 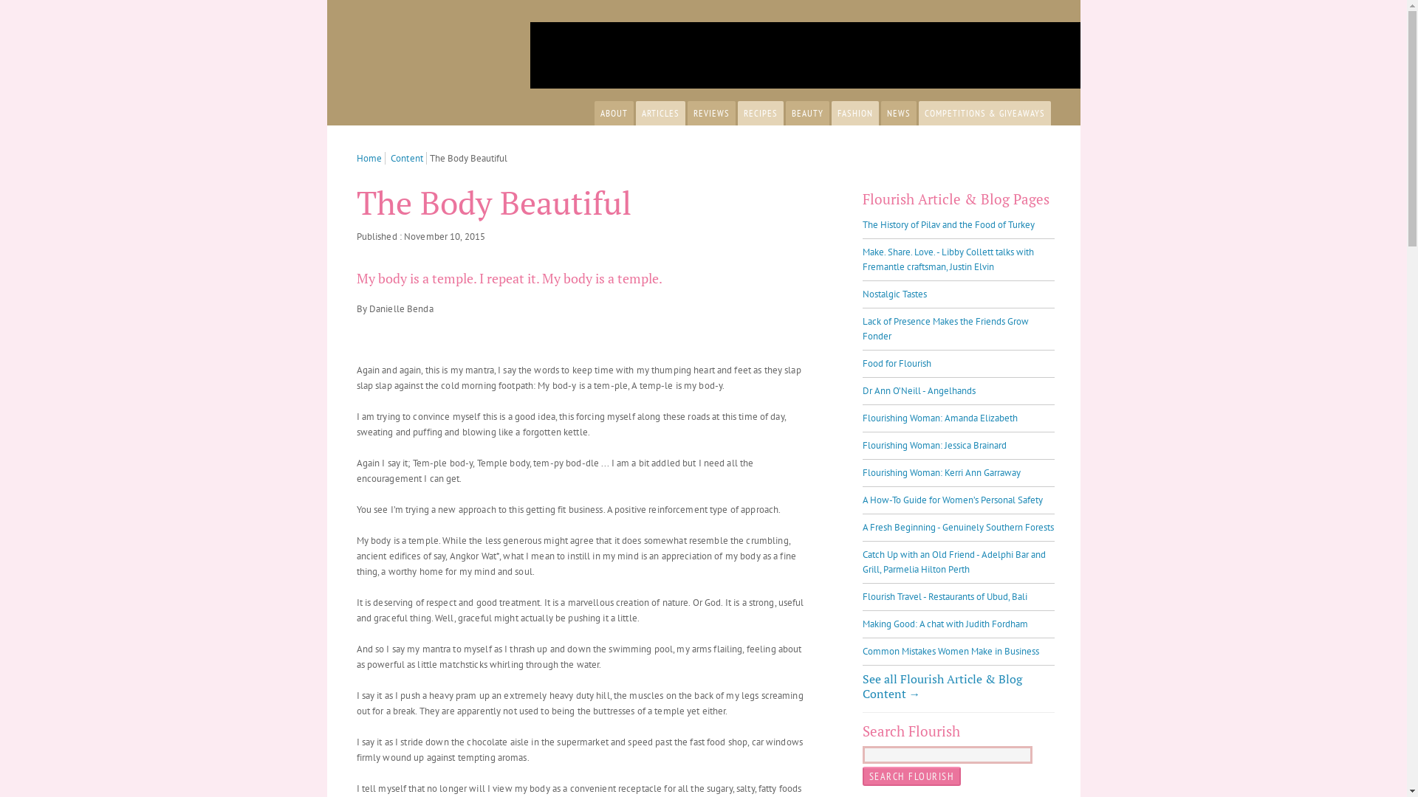 What do you see at coordinates (862, 444) in the screenshot?
I see `'Flourishing Woman: Jessica Brainard'` at bounding box center [862, 444].